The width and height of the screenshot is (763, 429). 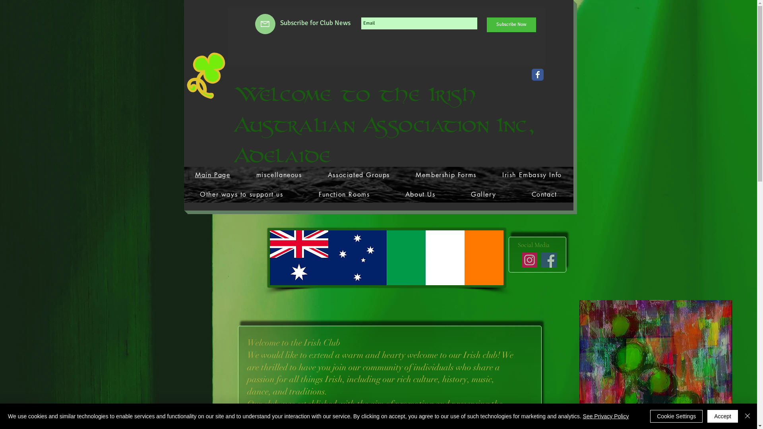 I want to click on 'Membership Forms', so click(x=446, y=174).